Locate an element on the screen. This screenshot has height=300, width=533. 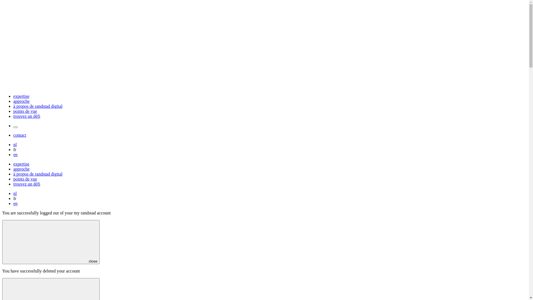
'points de vue' is located at coordinates (25, 111).